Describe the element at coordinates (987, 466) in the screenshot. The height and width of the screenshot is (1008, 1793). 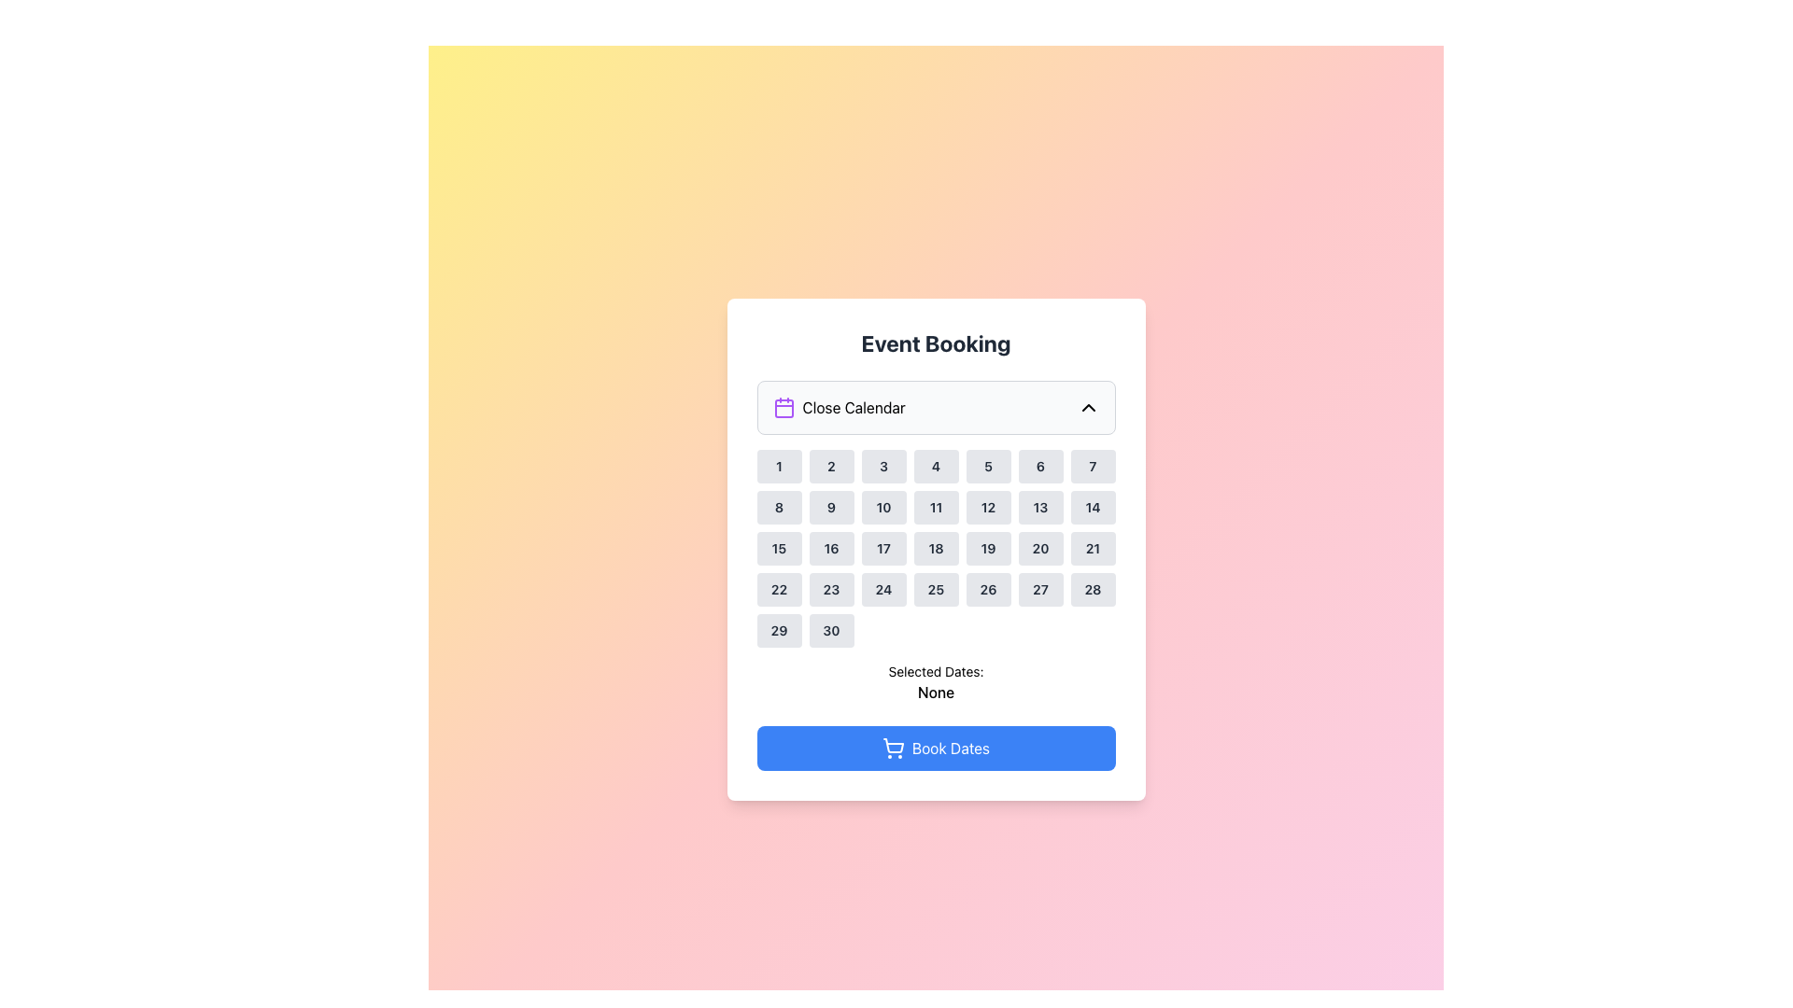
I see `the calendar cell button displaying the number '5', which is the fifth button` at that location.